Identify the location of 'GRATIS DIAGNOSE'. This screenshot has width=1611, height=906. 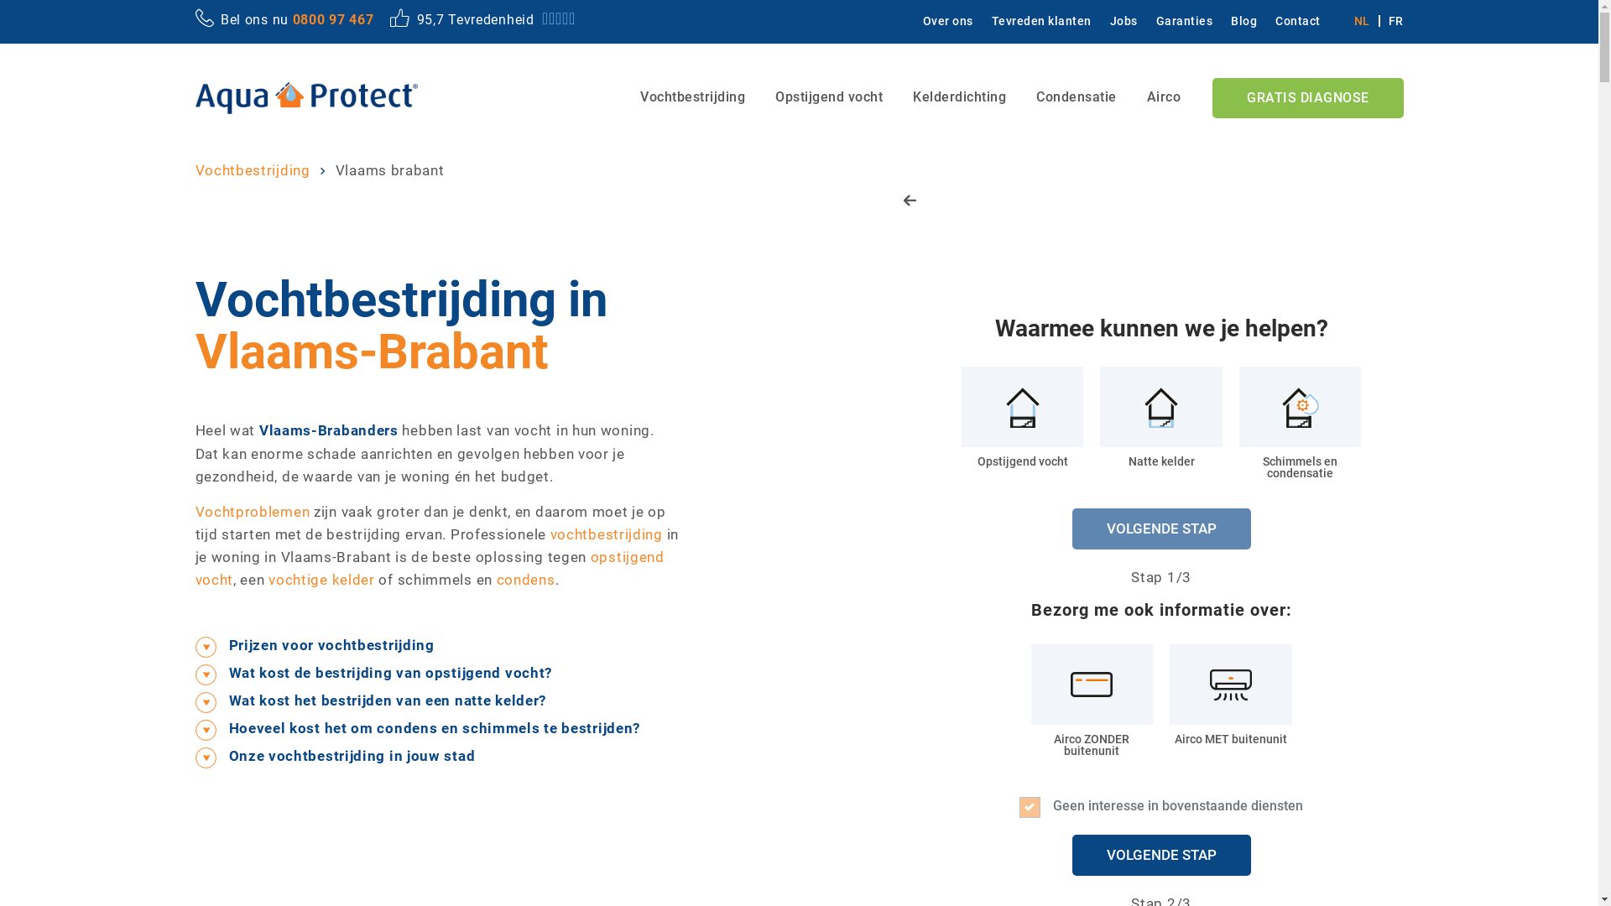
(1307, 97).